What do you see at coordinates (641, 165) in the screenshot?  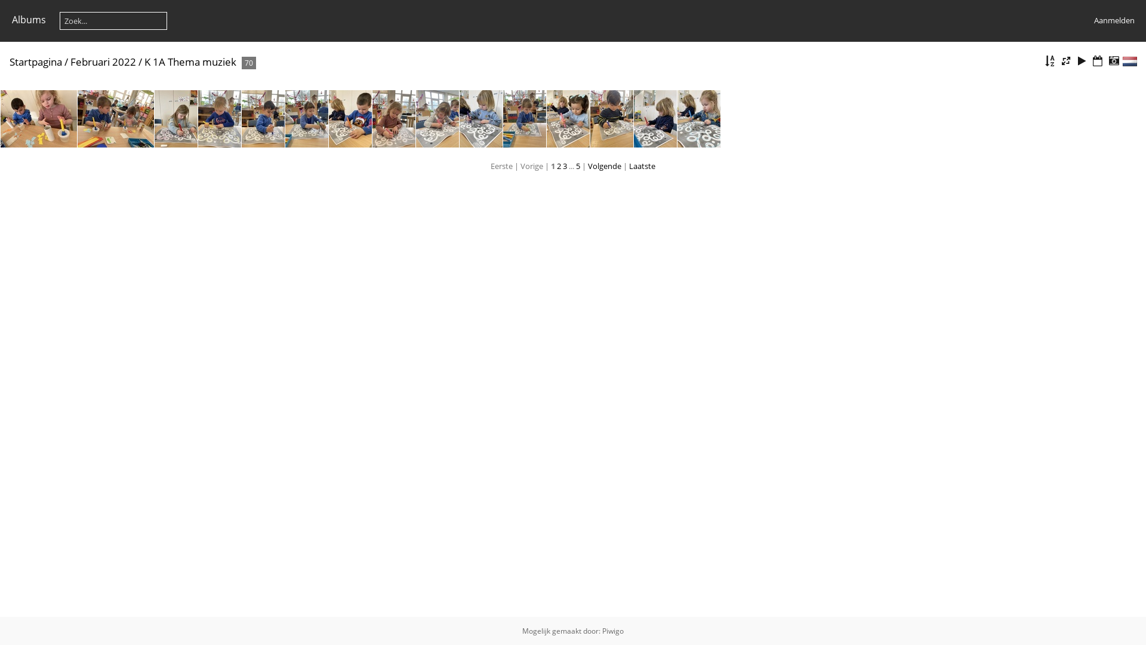 I see `'Laatste'` at bounding box center [641, 165].